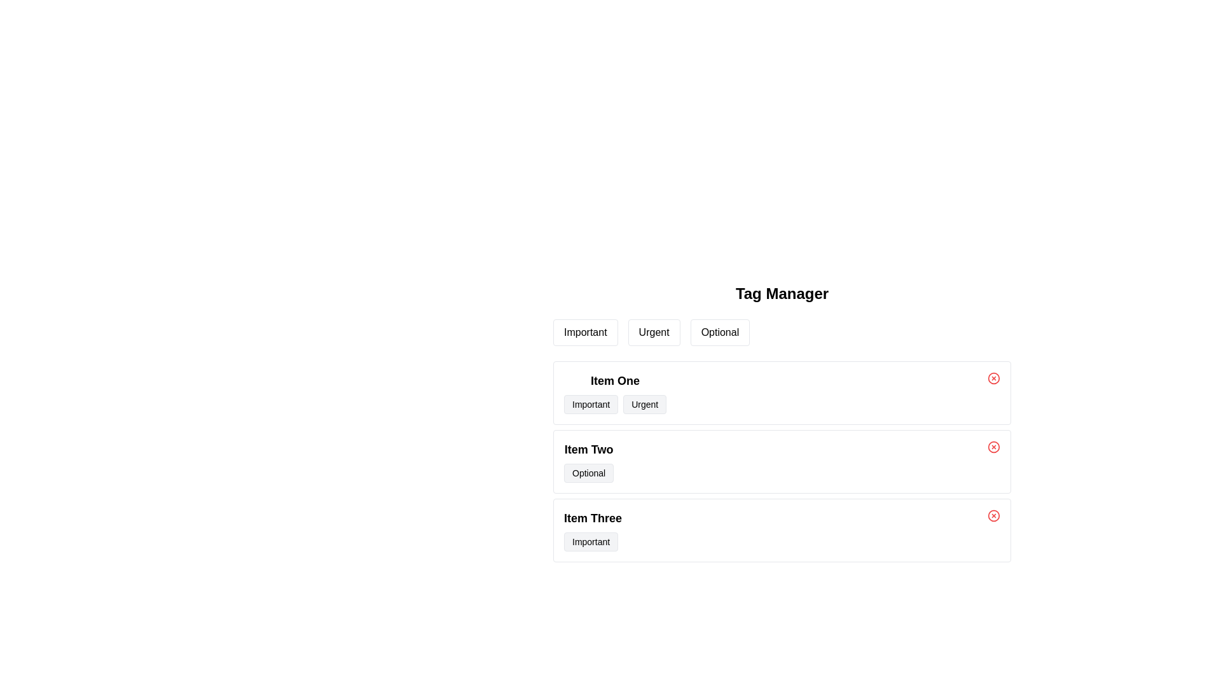 The height and width of the screenshot is (687, 1221). Describe the element at coordinates (993, 515) in the screenshot. I see `the close or delete button located in the bottom-right corner of the 'Item Three' card` at that location.